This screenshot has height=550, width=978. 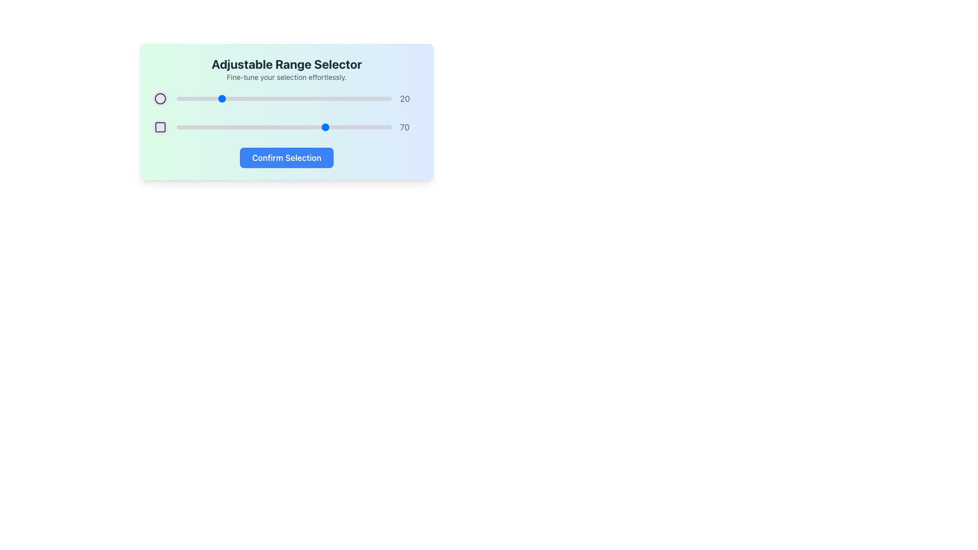 What do you see at coordinates (346, 127) in the screenshot?
I see `the slider value` at bounding box center [346, 127].